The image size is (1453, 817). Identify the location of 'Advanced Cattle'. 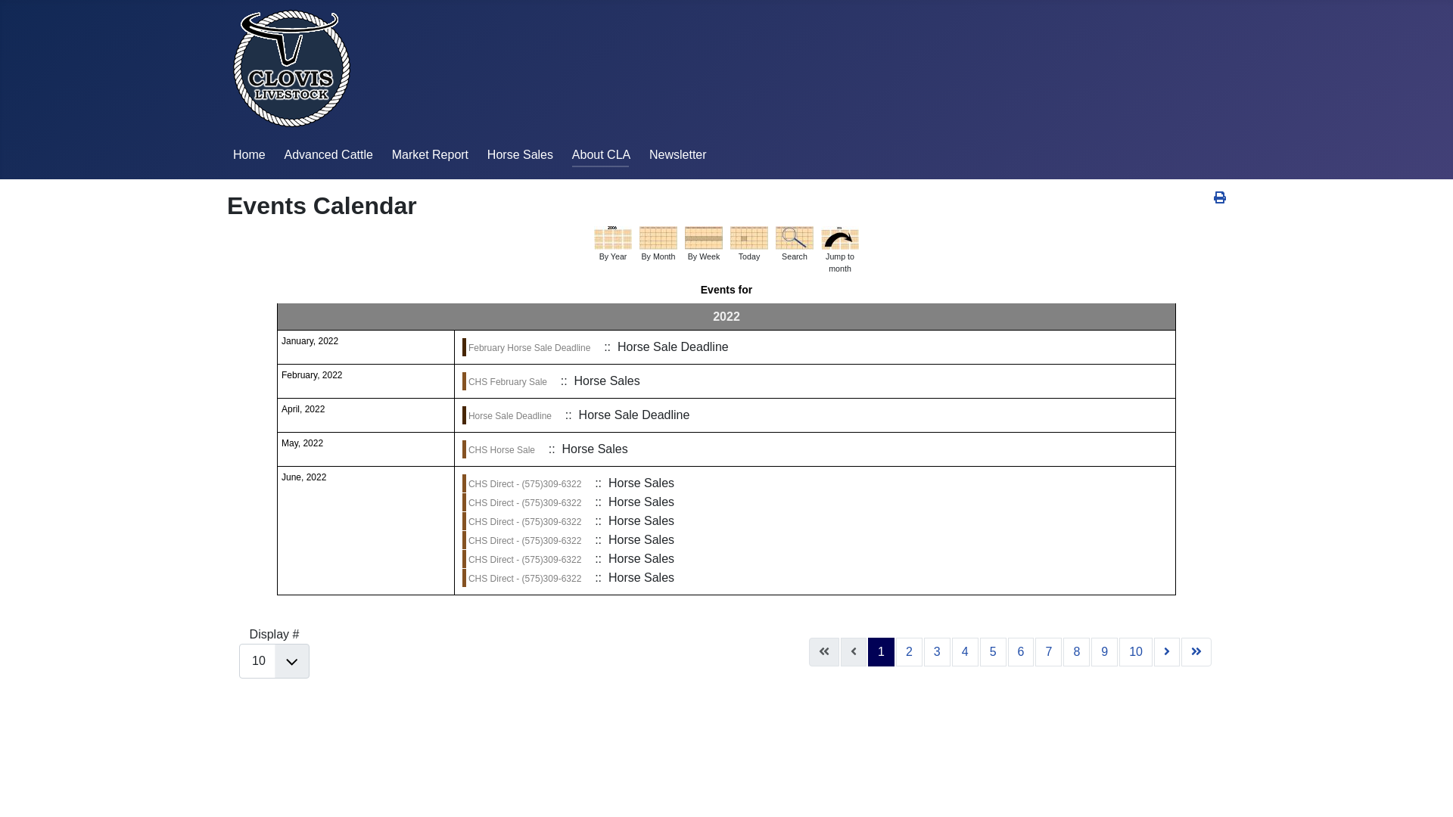
(327, 154).